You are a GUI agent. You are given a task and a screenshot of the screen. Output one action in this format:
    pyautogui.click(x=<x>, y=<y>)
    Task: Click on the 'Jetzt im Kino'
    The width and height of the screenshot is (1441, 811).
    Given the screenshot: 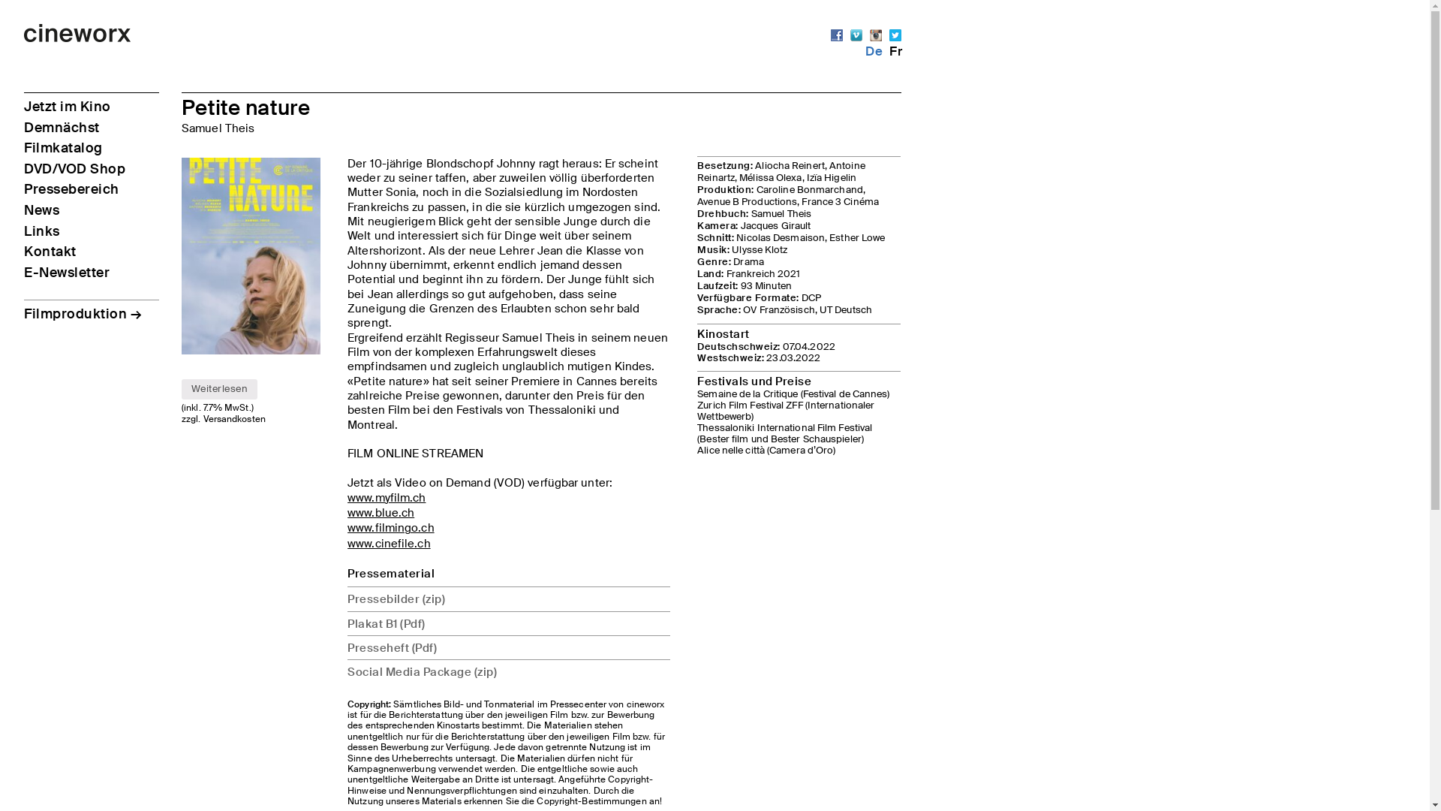 What is the action you would take?
    pyautogui.click(x=67, y=106)
    